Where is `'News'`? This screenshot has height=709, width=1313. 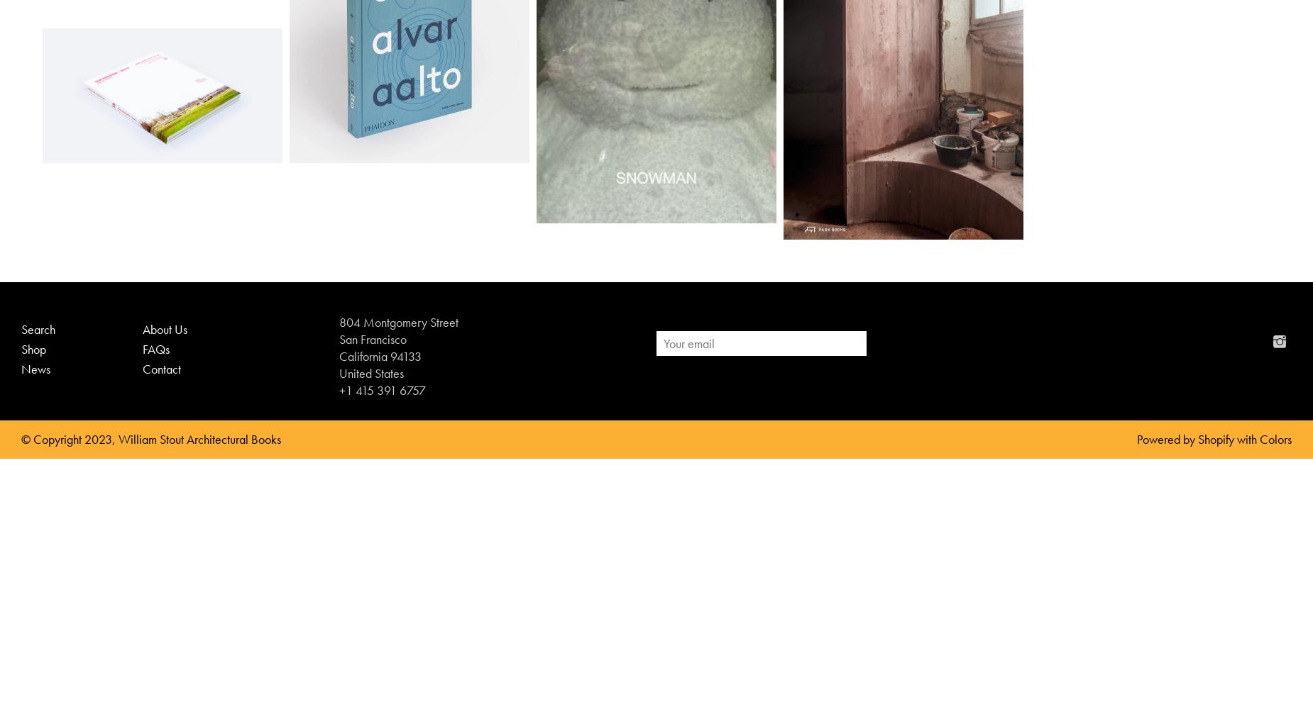 'News' is located at coordinates (20, 368).